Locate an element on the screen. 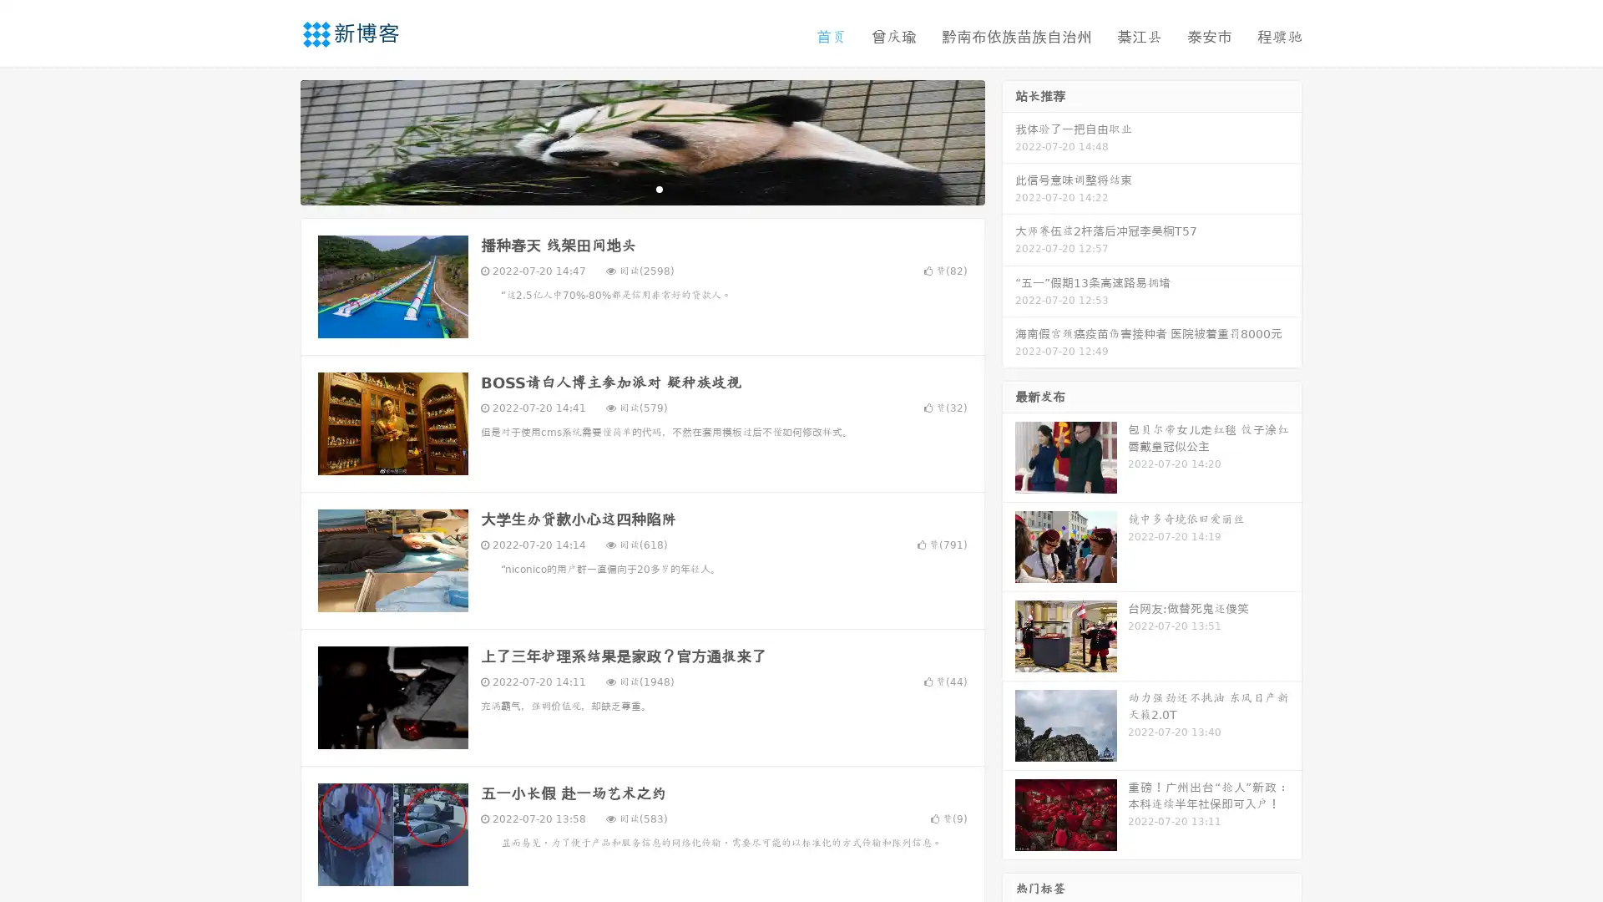  Previous slide is located at coordinates (276, 140).